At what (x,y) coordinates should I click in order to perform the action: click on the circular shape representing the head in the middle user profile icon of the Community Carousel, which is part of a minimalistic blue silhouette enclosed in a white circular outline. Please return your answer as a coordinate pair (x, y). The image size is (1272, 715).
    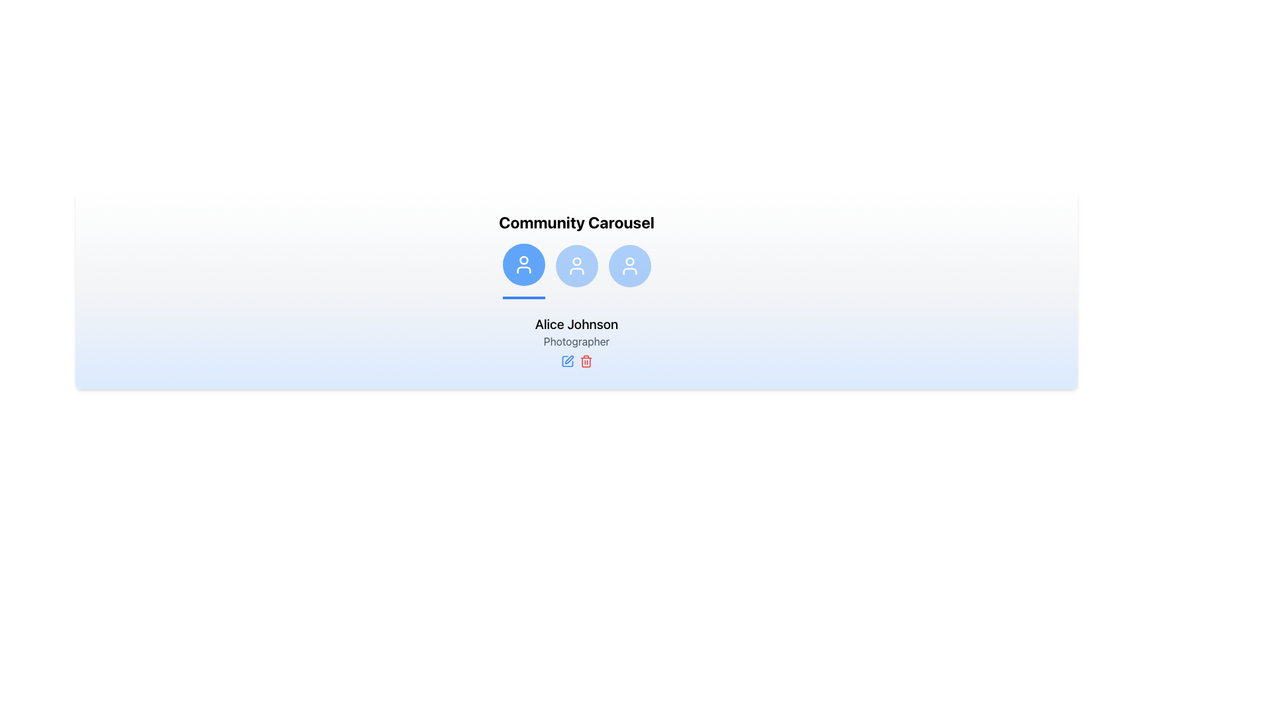
    Looking at the image, I should click on (576, 262).